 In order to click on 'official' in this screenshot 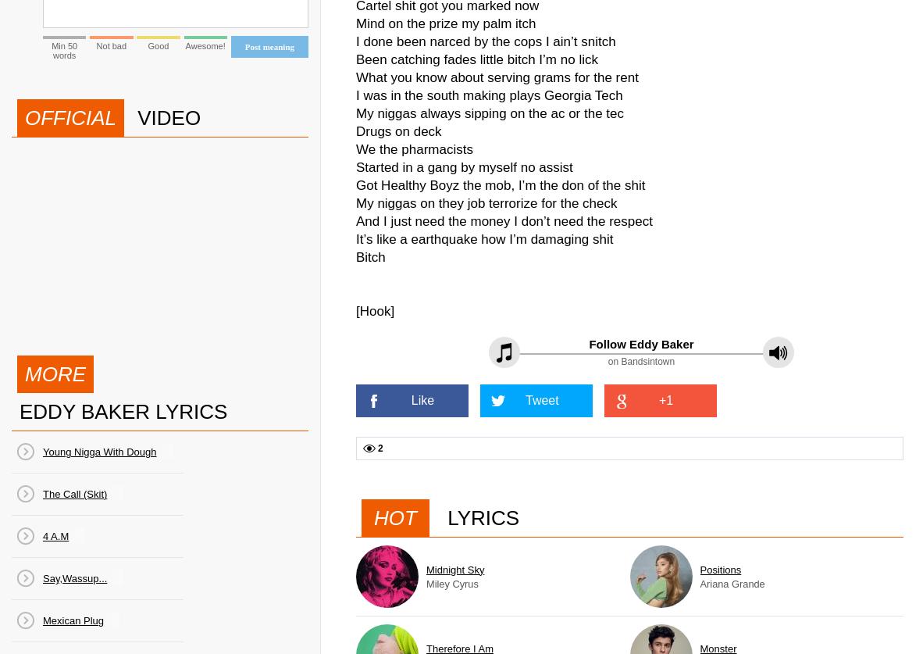, I will do `click(69, 116)`.